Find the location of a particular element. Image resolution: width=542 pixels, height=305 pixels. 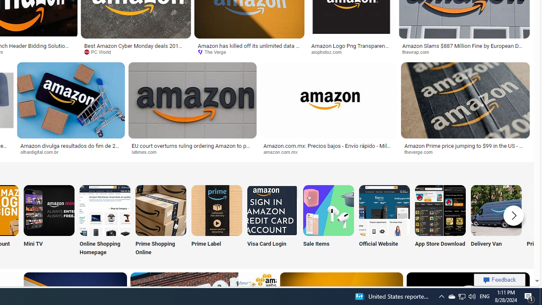

'Sale Items' is located at coordinates (328, 221).